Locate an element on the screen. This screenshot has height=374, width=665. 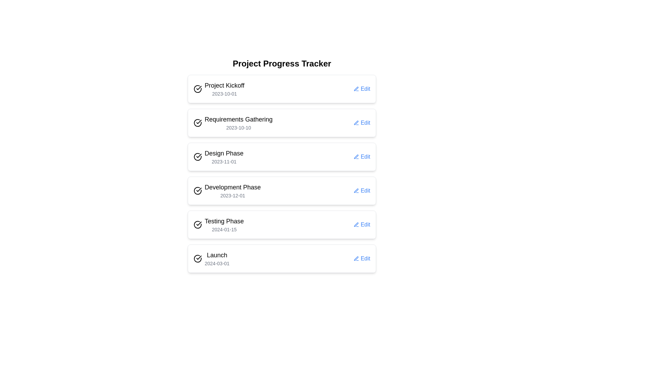
the pen graphic icon, which is a vector graphic with a thin, rounded stroke, located within the 'Edit' section of the 'Project Kickoff' entry is located at coordinates (356, 88).